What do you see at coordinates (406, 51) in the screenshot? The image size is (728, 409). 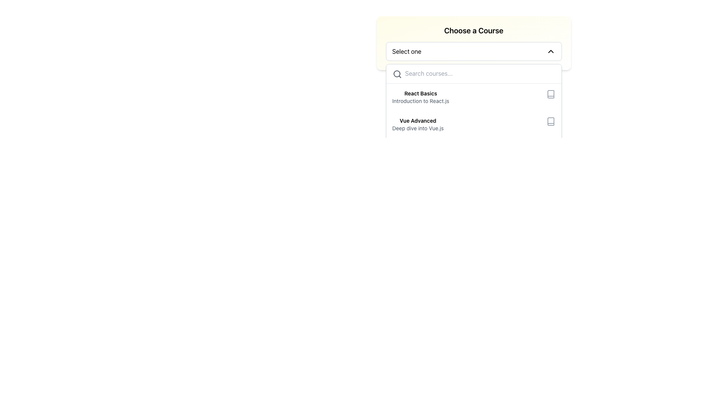 I see `the drop-down labeled 'Select one'` at bounding box center [406, 51].